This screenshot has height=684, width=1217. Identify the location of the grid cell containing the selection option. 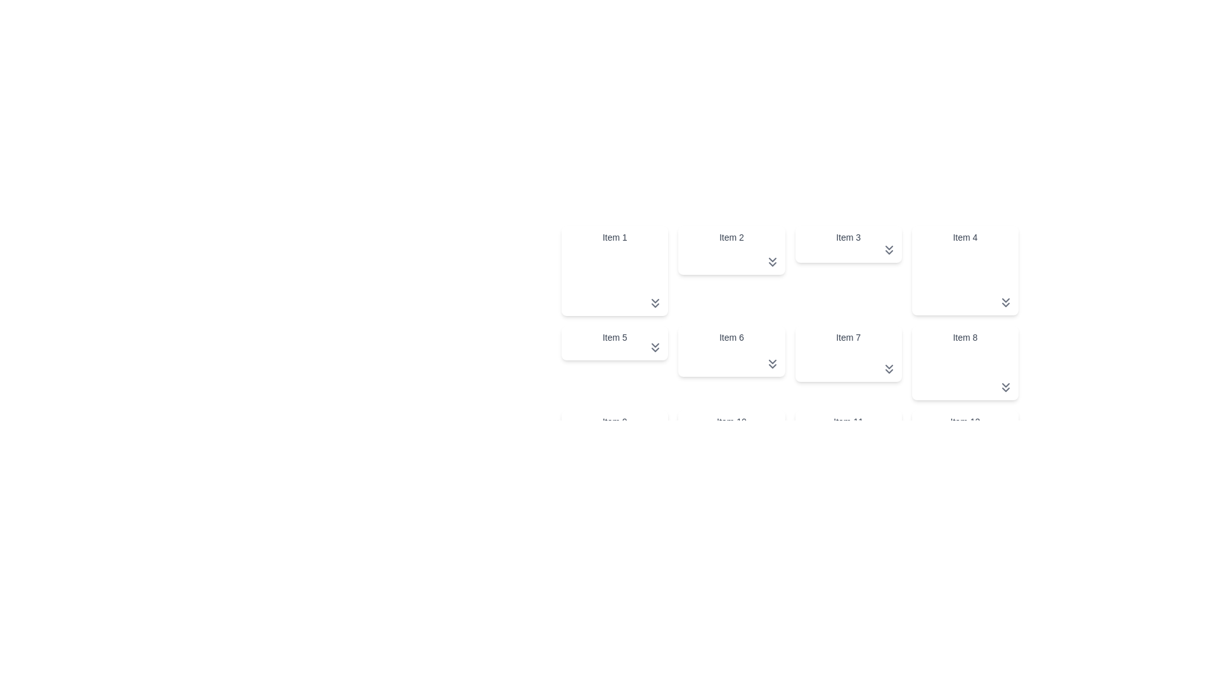
(789, 310).